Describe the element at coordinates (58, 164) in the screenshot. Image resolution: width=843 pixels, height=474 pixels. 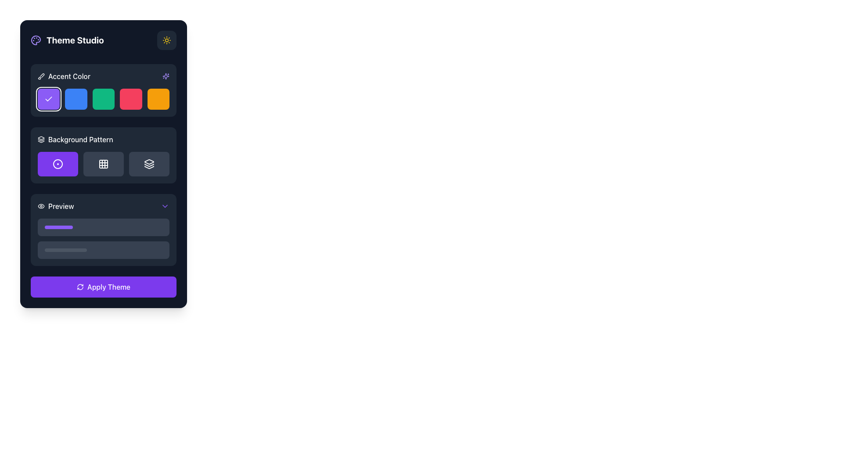
I see `the first button in the 'Background Pattern' section` at that location.